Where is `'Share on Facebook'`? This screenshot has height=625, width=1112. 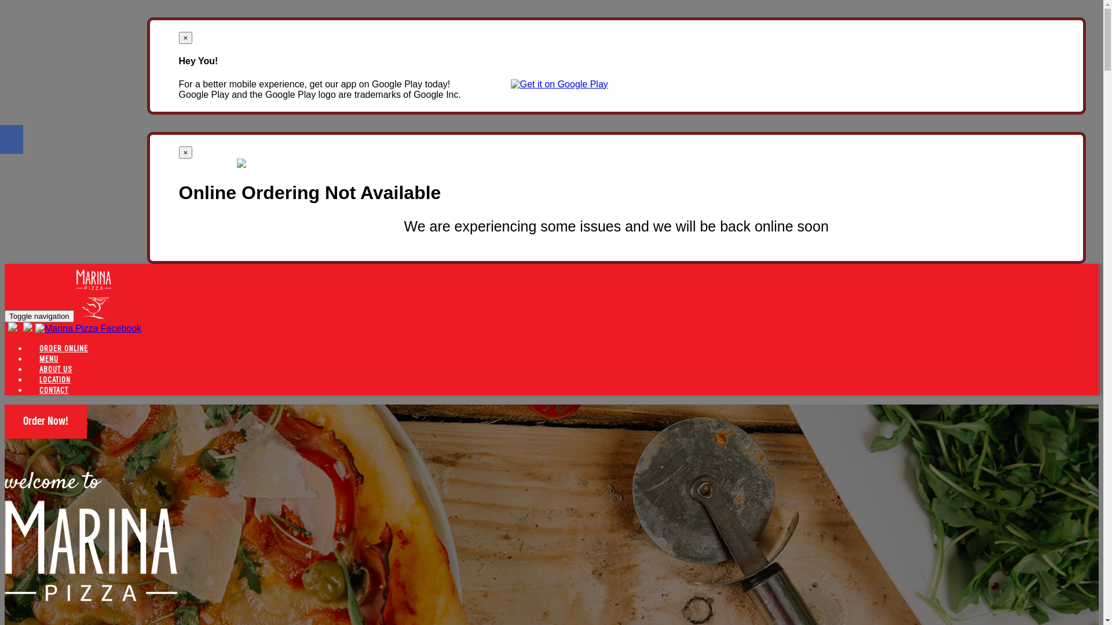 'Share on Facebook' is located at coordinates (0, 138).